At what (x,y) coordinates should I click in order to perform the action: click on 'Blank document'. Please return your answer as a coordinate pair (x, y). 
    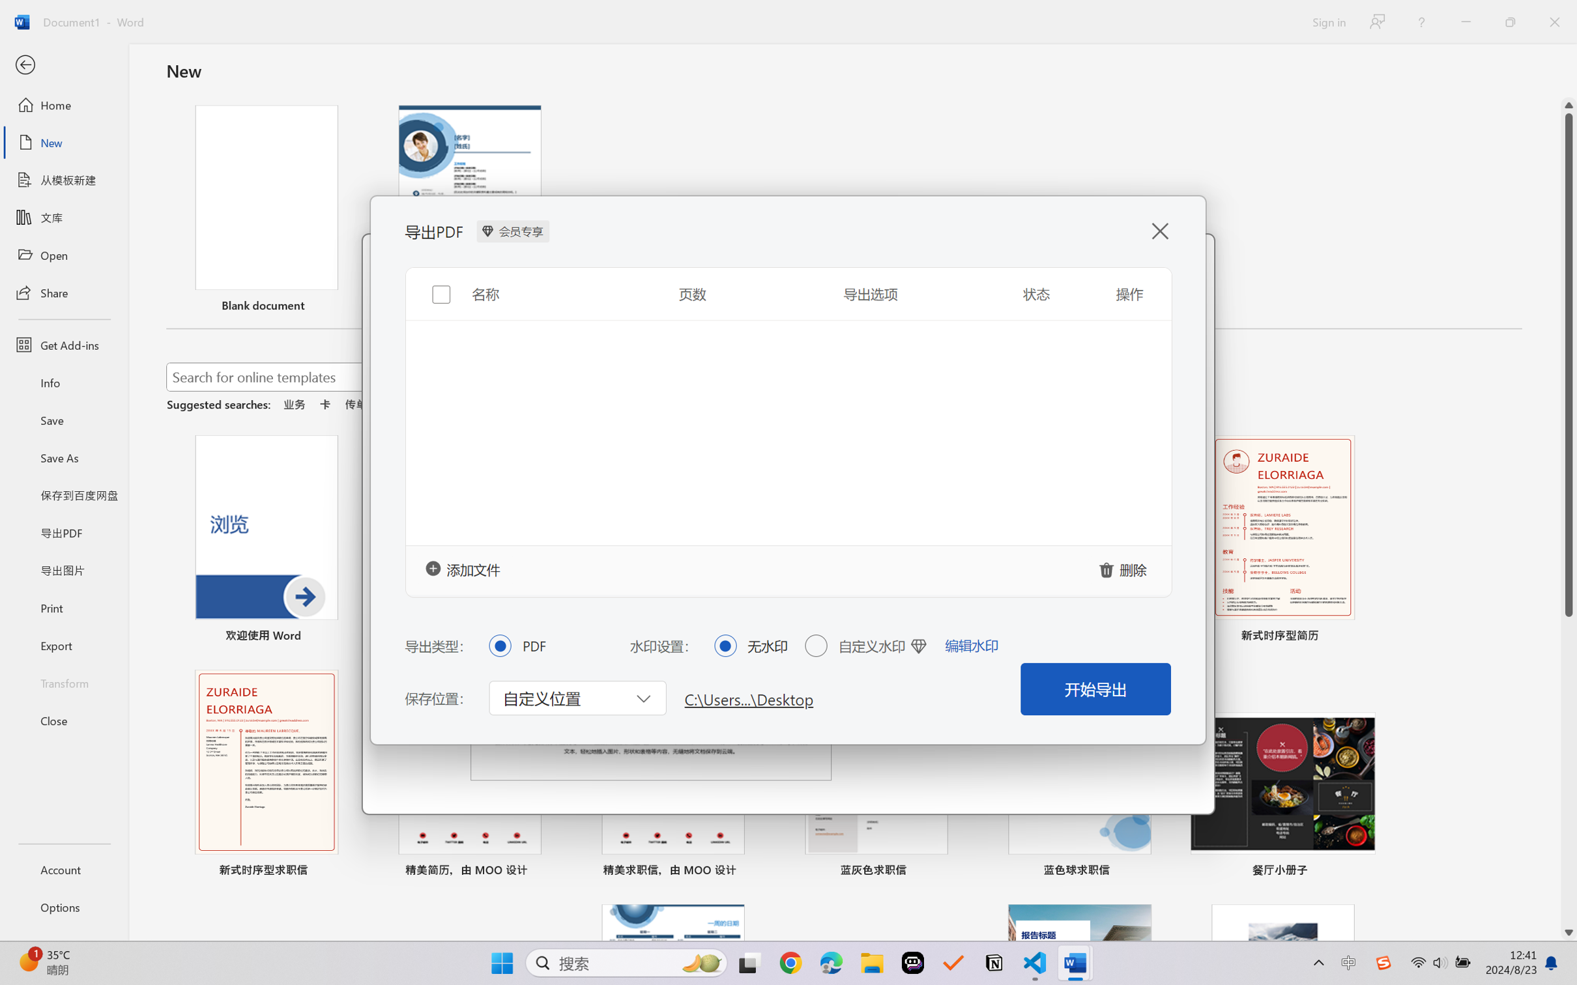
    Looking at the image, I should click on (266, 210).